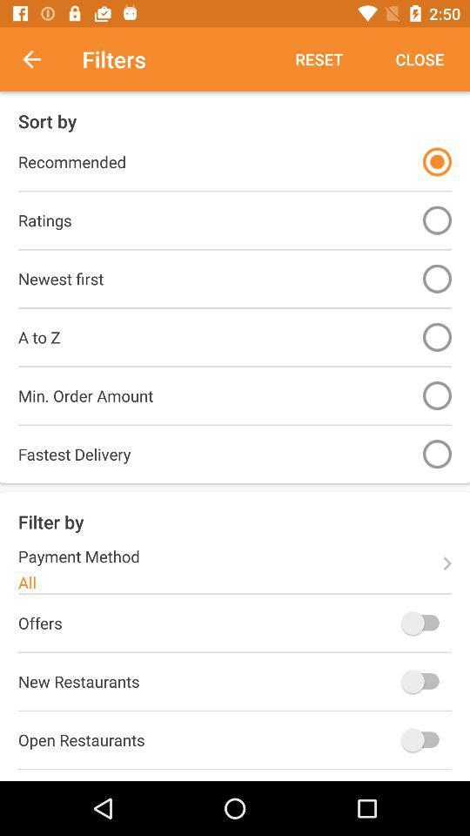  Describe the element at coordinates (423, 681) in the screenshot. I see `new restaurants on` at that location.